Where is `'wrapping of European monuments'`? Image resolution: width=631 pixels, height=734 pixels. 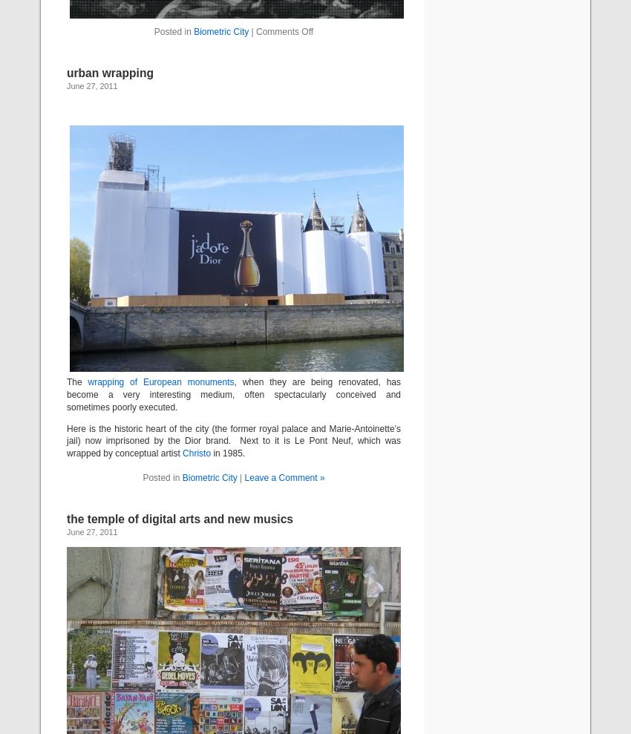 'wrapping of European monuments' is located at coordinates (160, 381).